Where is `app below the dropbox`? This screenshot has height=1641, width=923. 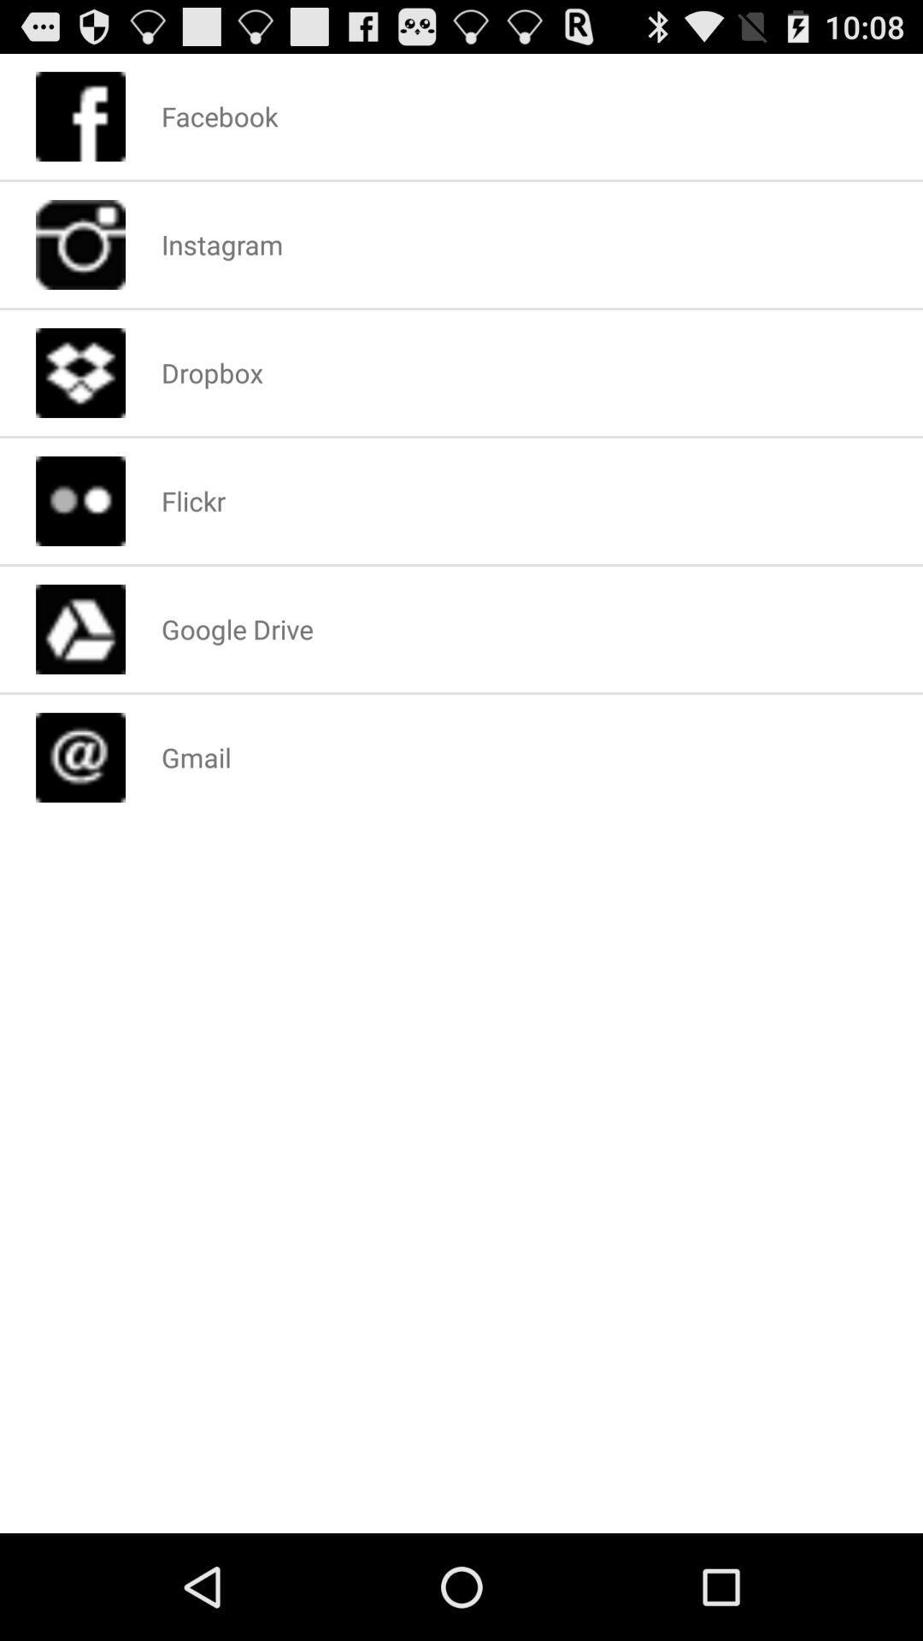
app below the dropbox is located at coordinates (192, 500).